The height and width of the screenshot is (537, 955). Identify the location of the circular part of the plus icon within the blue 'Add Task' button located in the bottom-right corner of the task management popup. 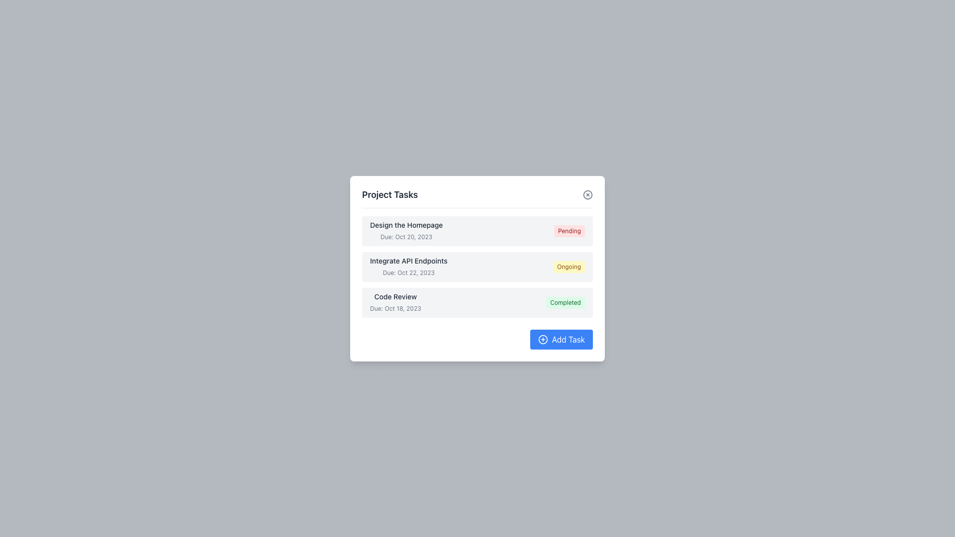
(542, 339).